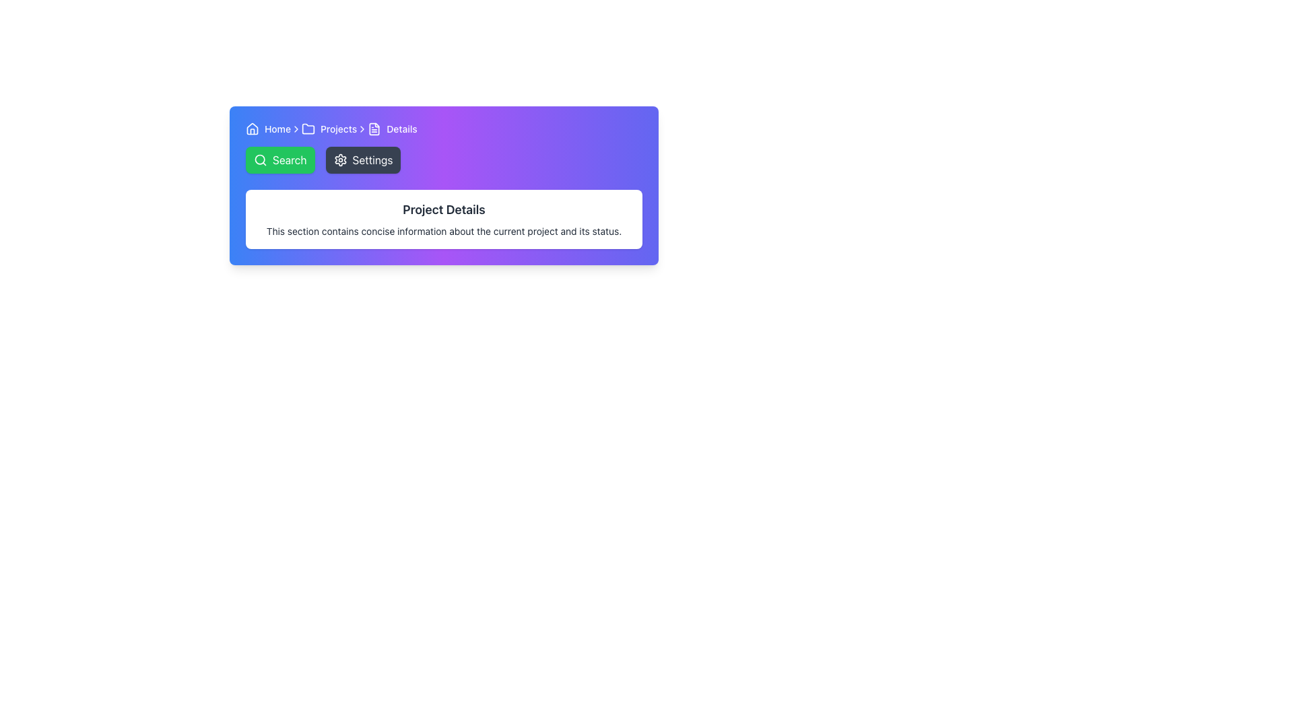 Image resolution: width=1293 pixels, height=727 pixels. I want to click on the gear icon representing settings functionality, located within the 'Settings' button, so click(340, 160).